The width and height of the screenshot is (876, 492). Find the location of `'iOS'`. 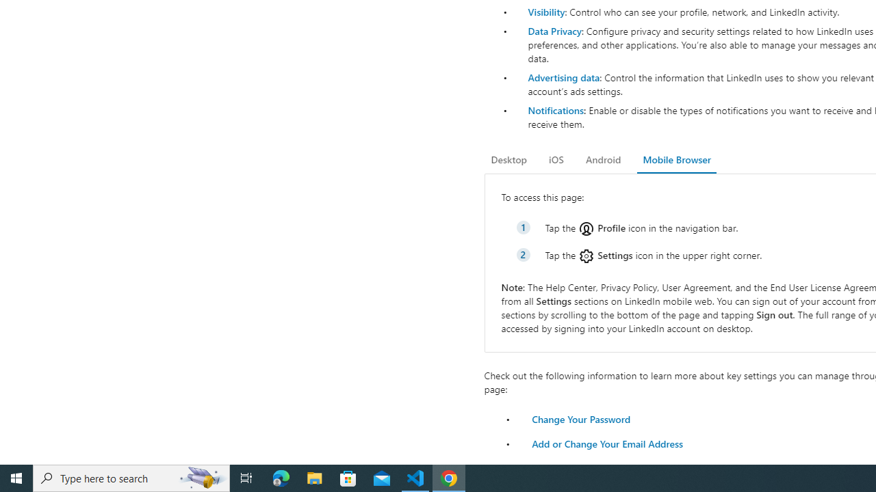

'iOS' is located at coordinates (556, 159).